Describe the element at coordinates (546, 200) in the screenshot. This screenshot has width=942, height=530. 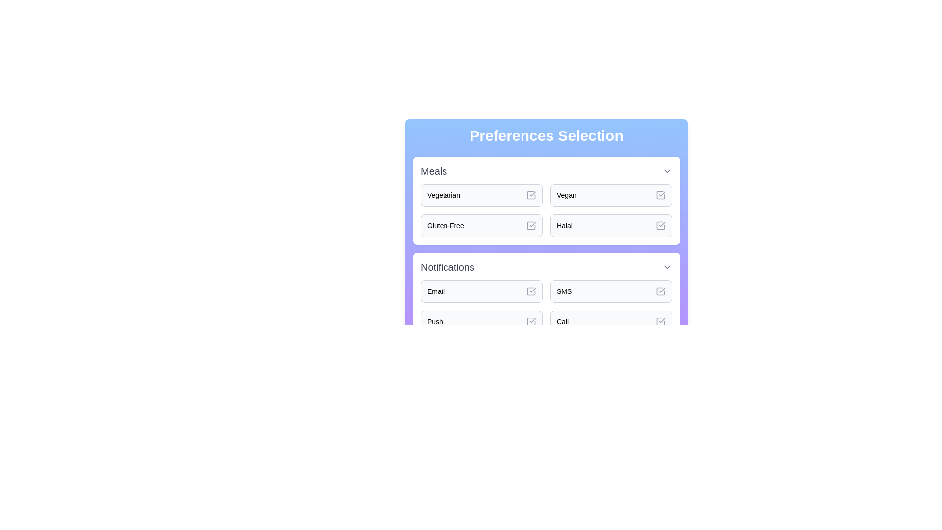
I see `an option from the 'Meals' section, which contains options like 'Vegetarian', 'Vegan', 'Gluten-Free', and 'Halal'` at that location.